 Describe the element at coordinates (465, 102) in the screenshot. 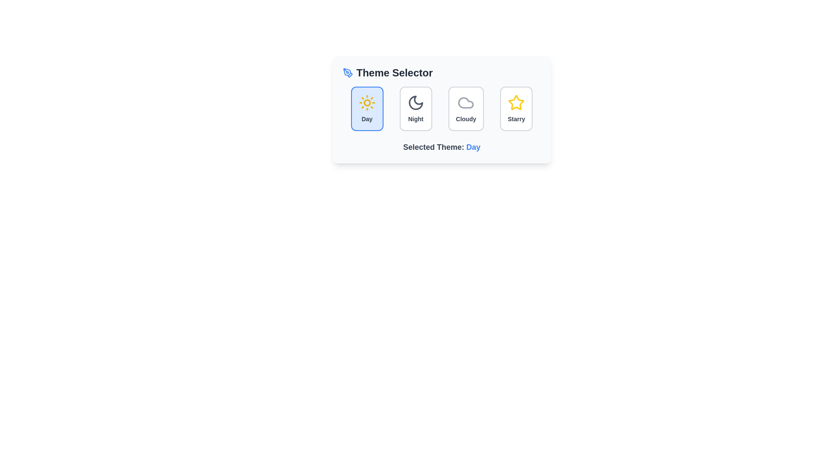

I see `the cloud-shaped icon within the 'Cloudy' button` at that location.